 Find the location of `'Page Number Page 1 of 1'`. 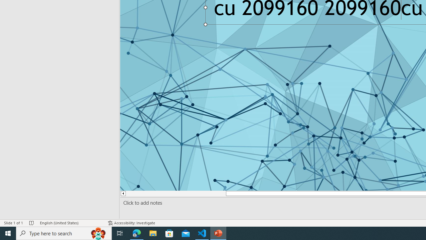

'Page Number Page 1 of 1' is located at coordinates (18, 213).